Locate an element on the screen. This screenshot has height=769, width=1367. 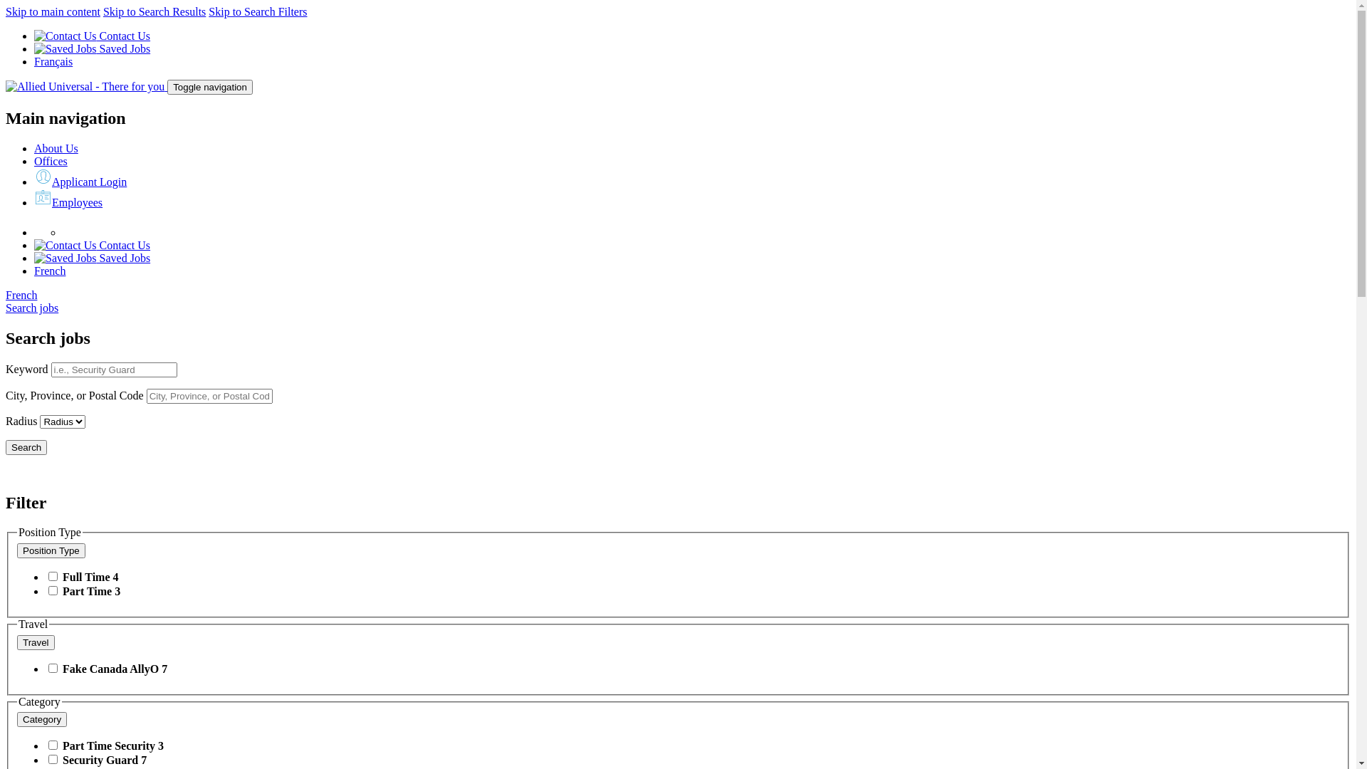
'French' is located at coordinates (21, 294).